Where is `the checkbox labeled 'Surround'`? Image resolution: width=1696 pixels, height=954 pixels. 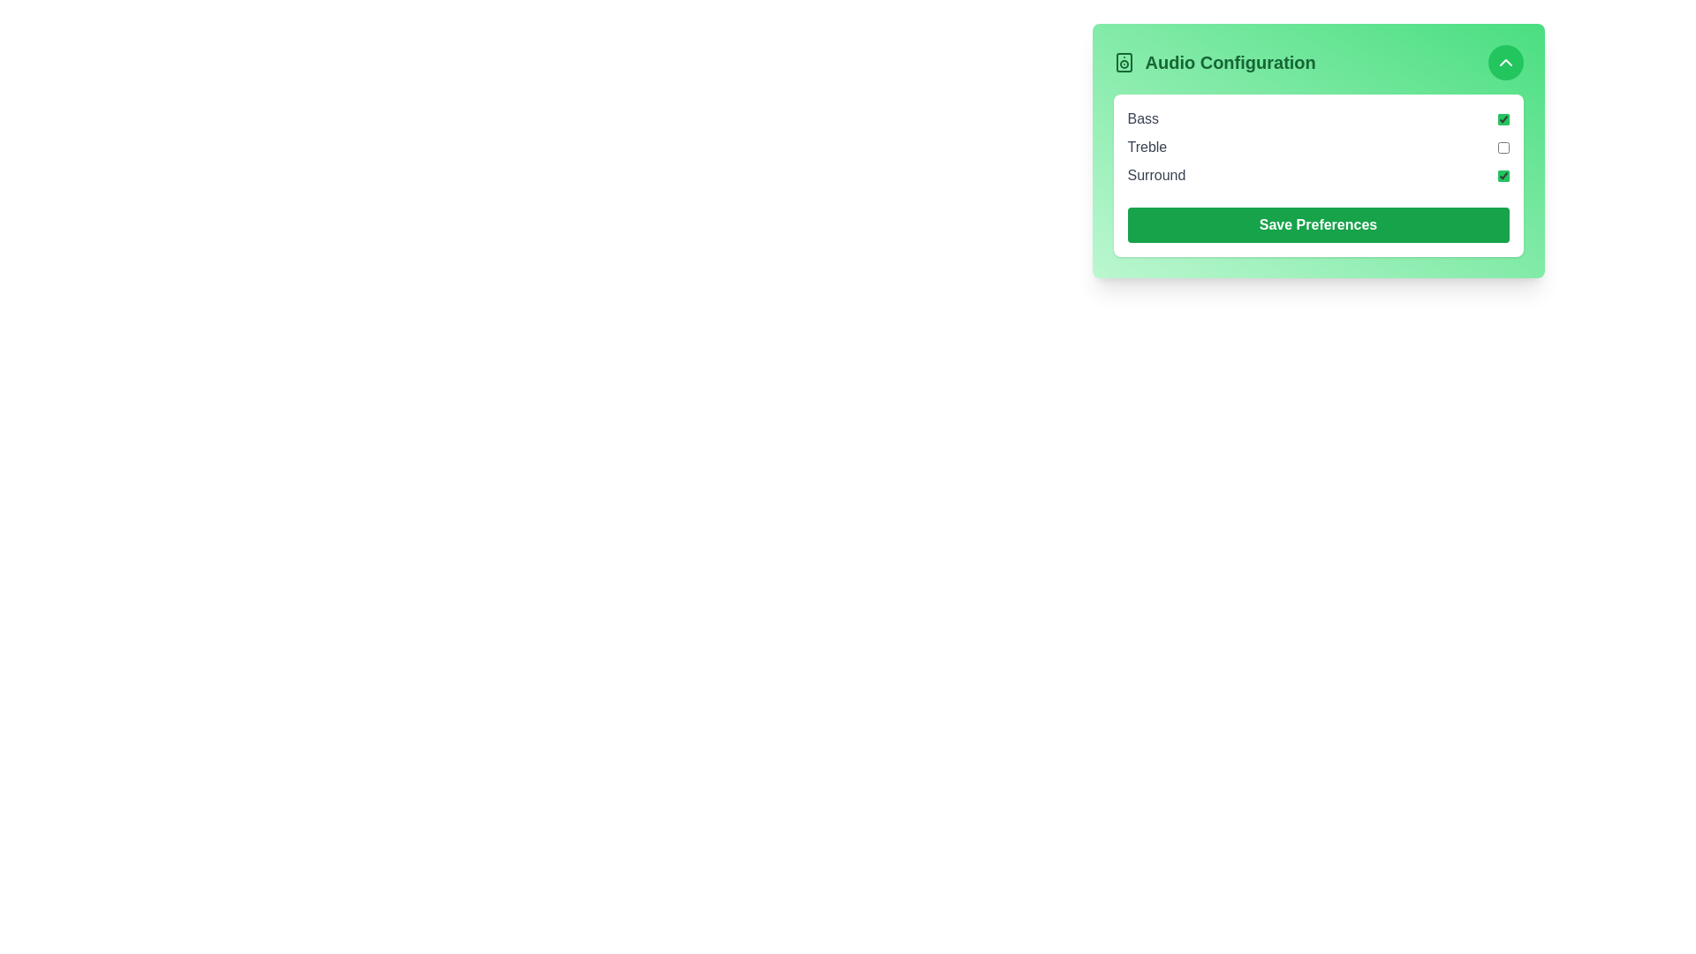
the checkbox labeled 'Surround' is located at coordinates (1318, 176).